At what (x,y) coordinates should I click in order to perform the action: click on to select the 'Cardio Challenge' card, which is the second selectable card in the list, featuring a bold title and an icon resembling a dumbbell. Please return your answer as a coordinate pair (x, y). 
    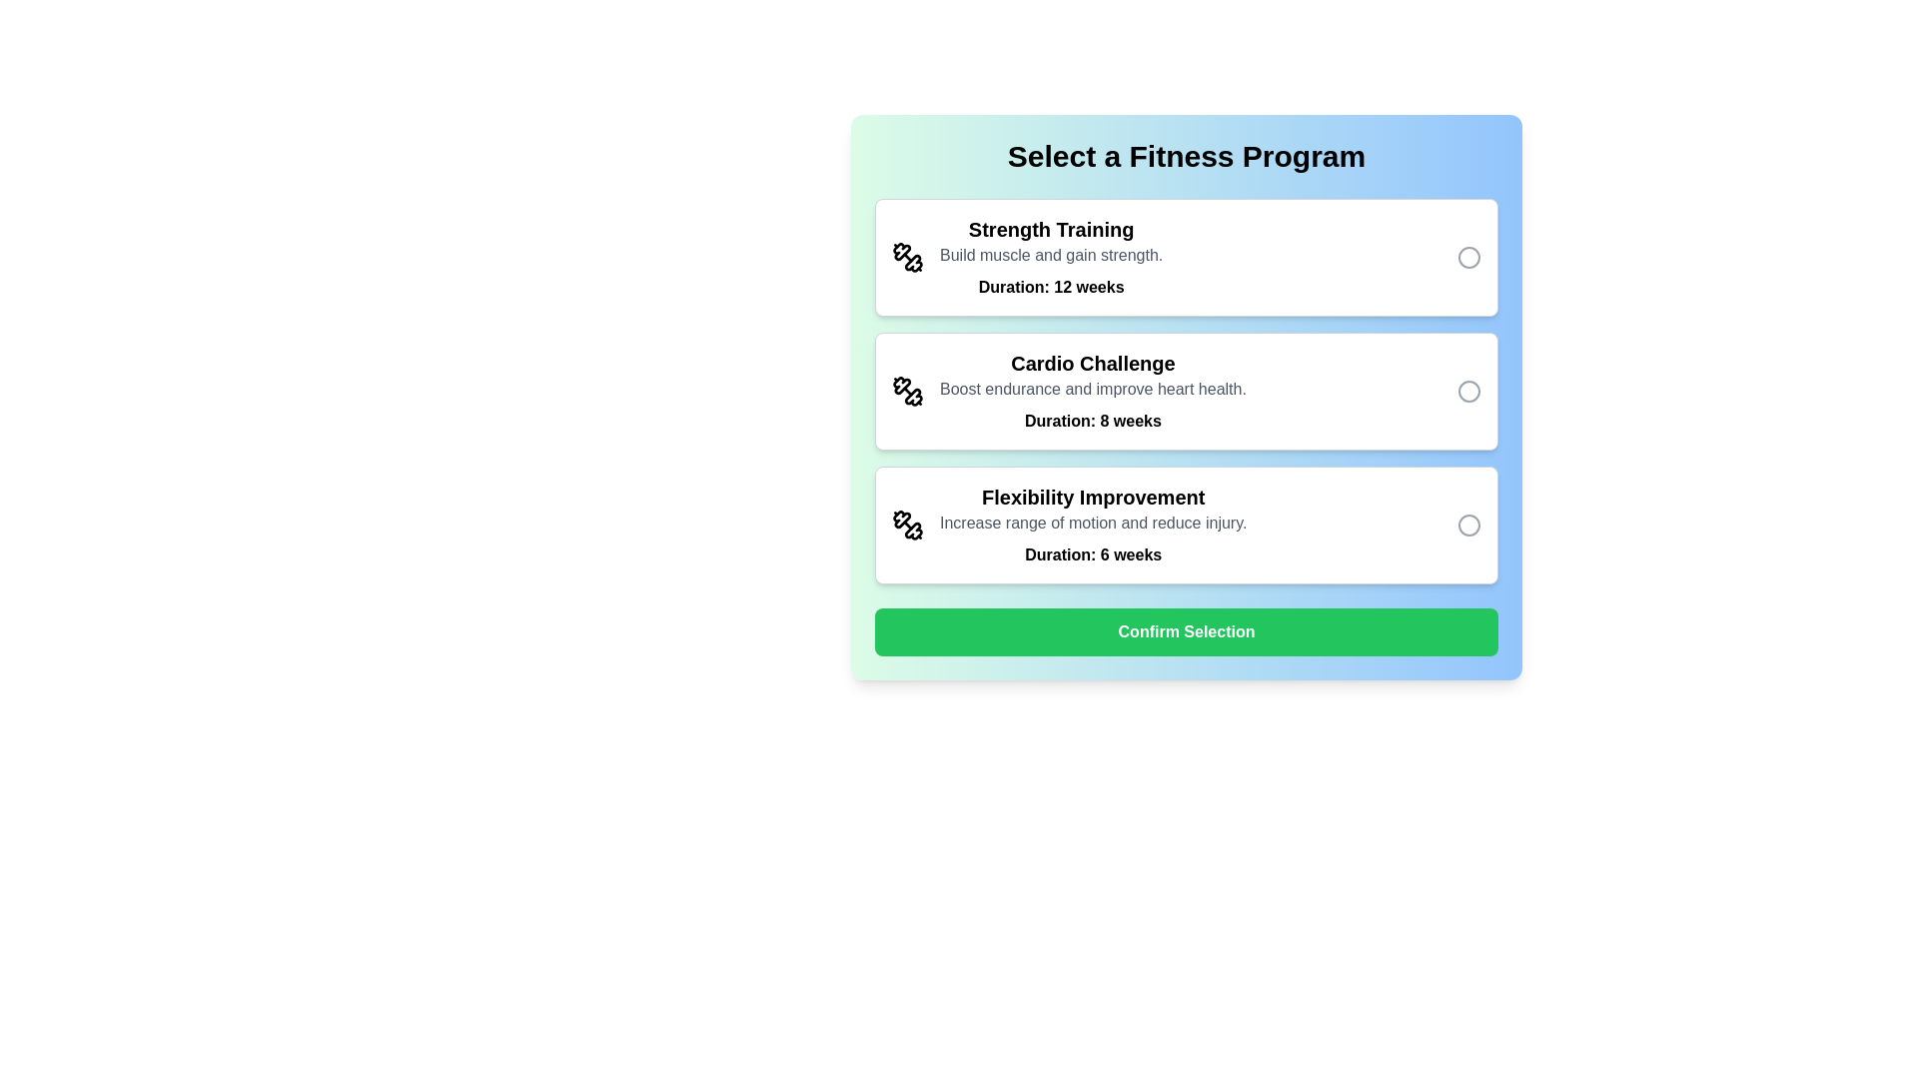
    Looking at the image, I should click on (1187, 392).